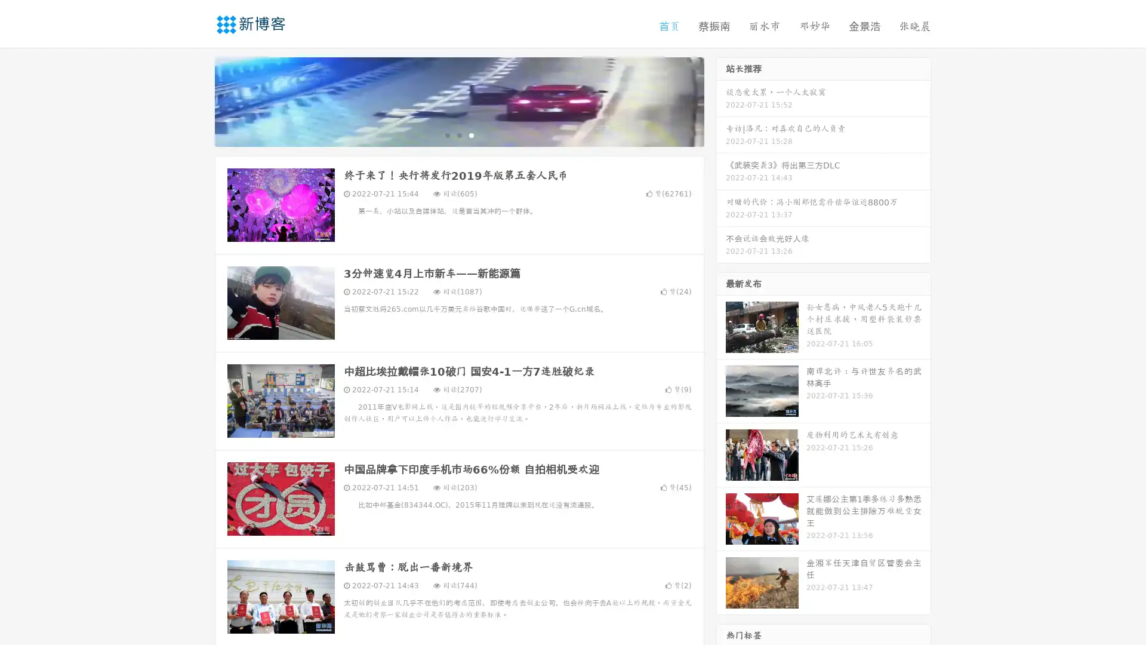 The width and height of the screenshot is (1146, 645). I want to click on Go to slide 3, so click(471, 134).